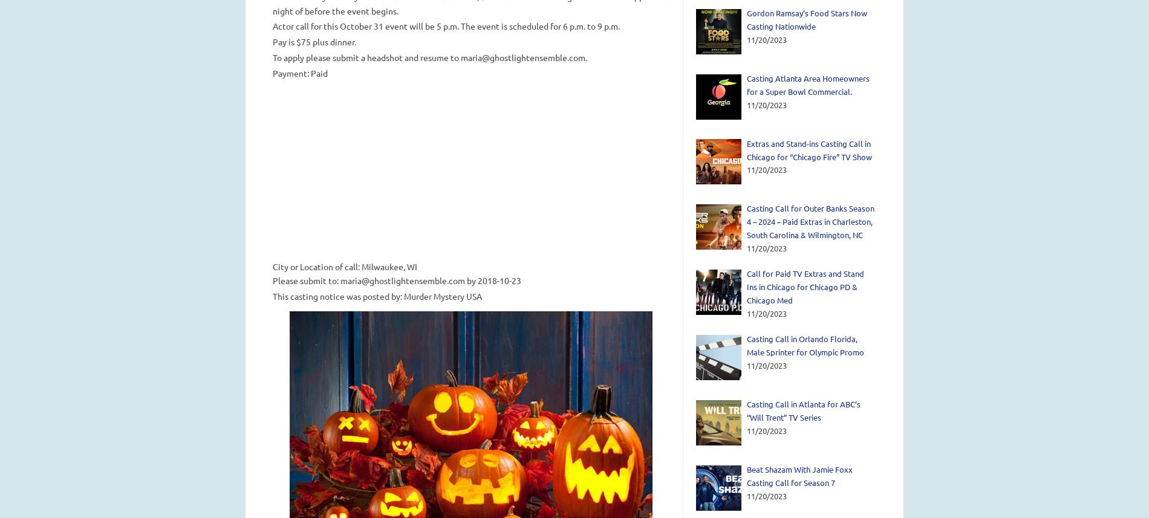  I want to click on 'Actor call for this October 31 event will be 5 p.m. The event is scheduled for 6 p.m. to 9 p.m.', so click(445, 25).